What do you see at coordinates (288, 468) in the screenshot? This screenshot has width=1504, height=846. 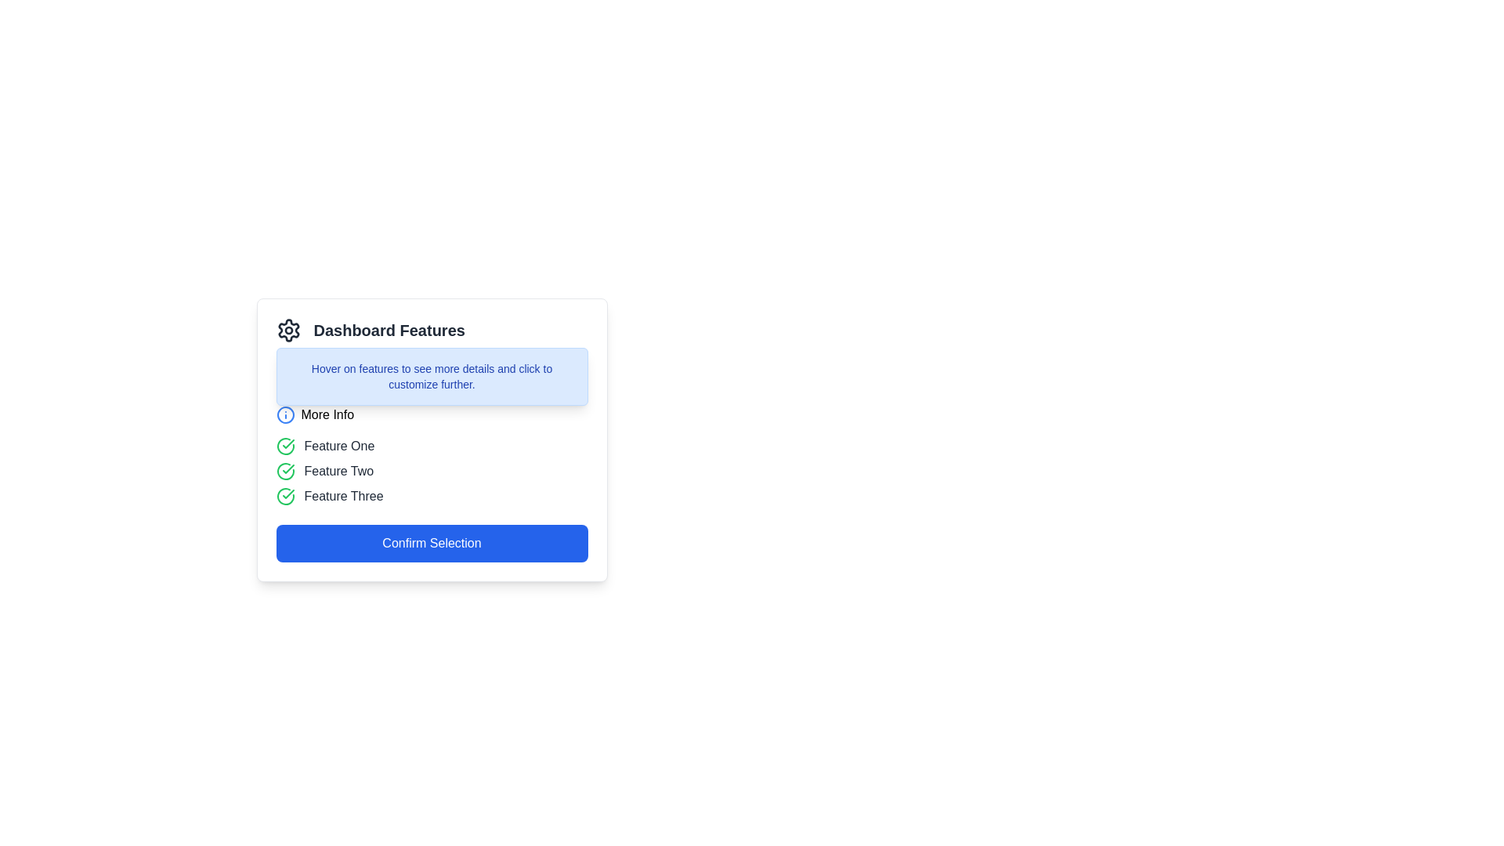 I see `the checkmark icon, which is styled with a thin line and positioned within a circular boundary, indicating approval or selection` at bounding box center [288, 468].